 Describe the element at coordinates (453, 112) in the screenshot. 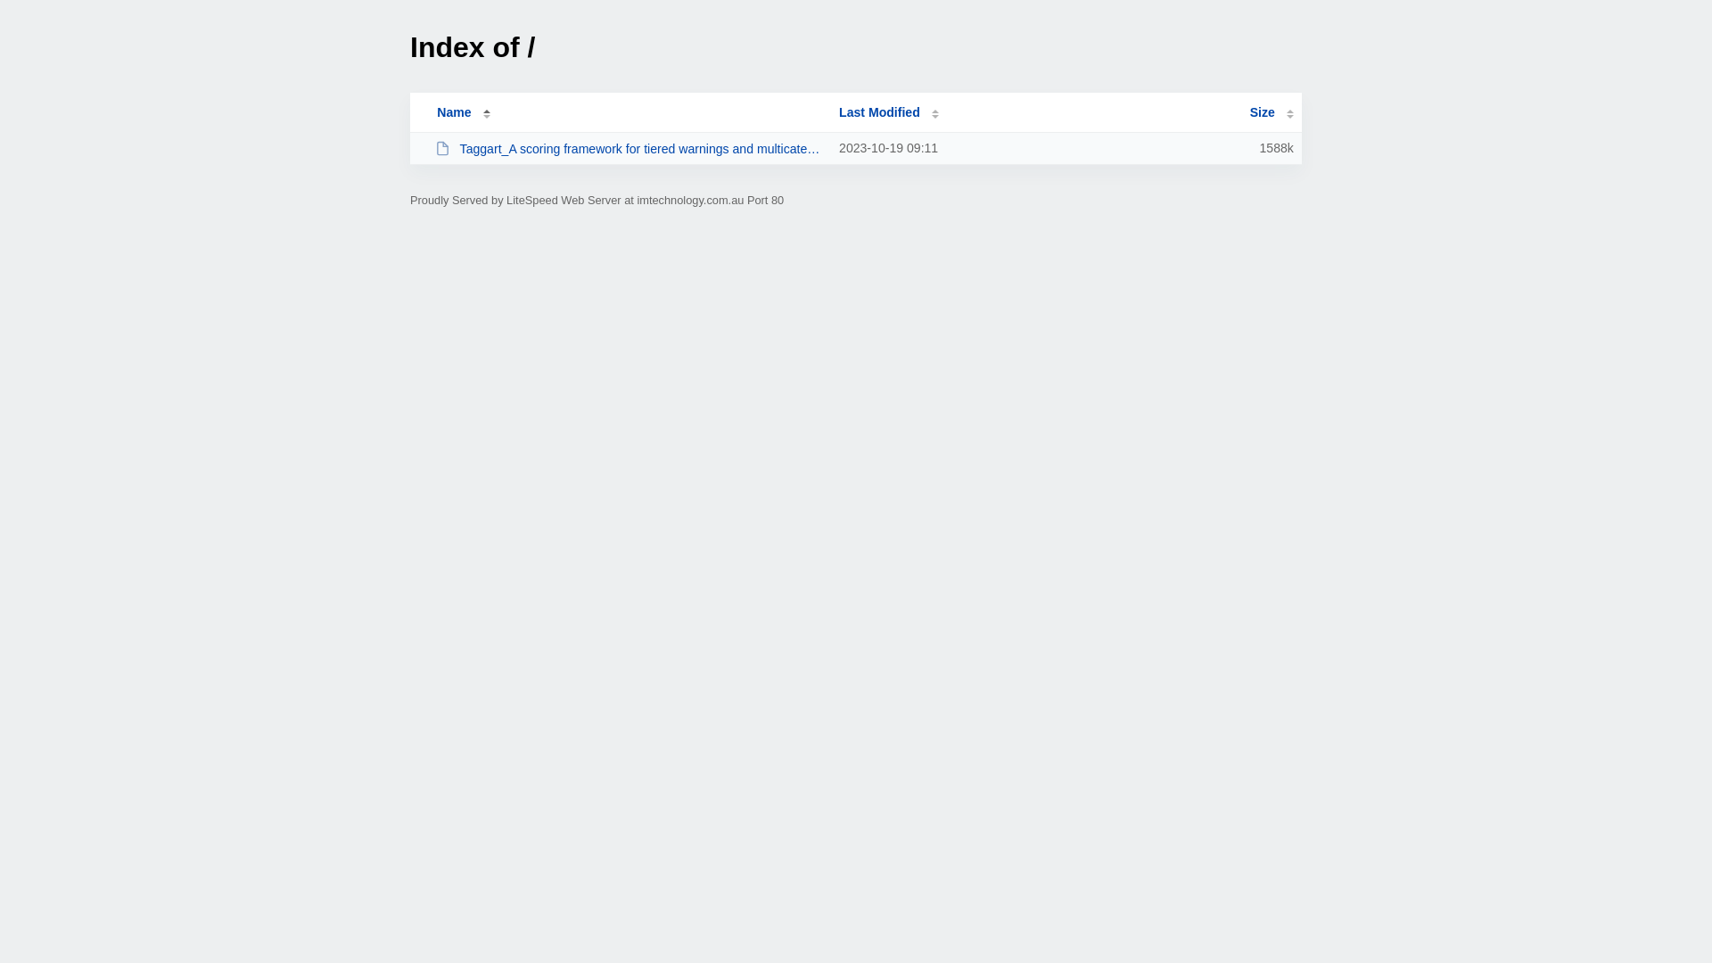

I see `'Name'` at that location.